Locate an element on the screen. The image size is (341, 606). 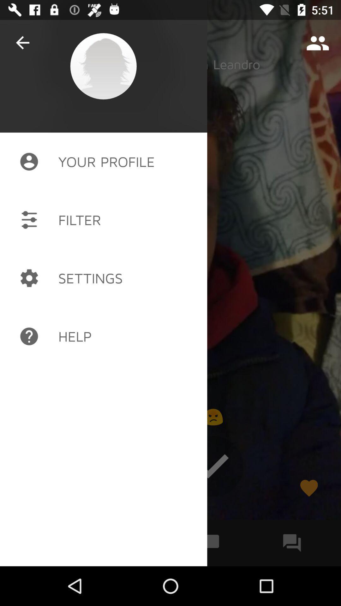
the favorite icon is located at coordinates (308, 488).